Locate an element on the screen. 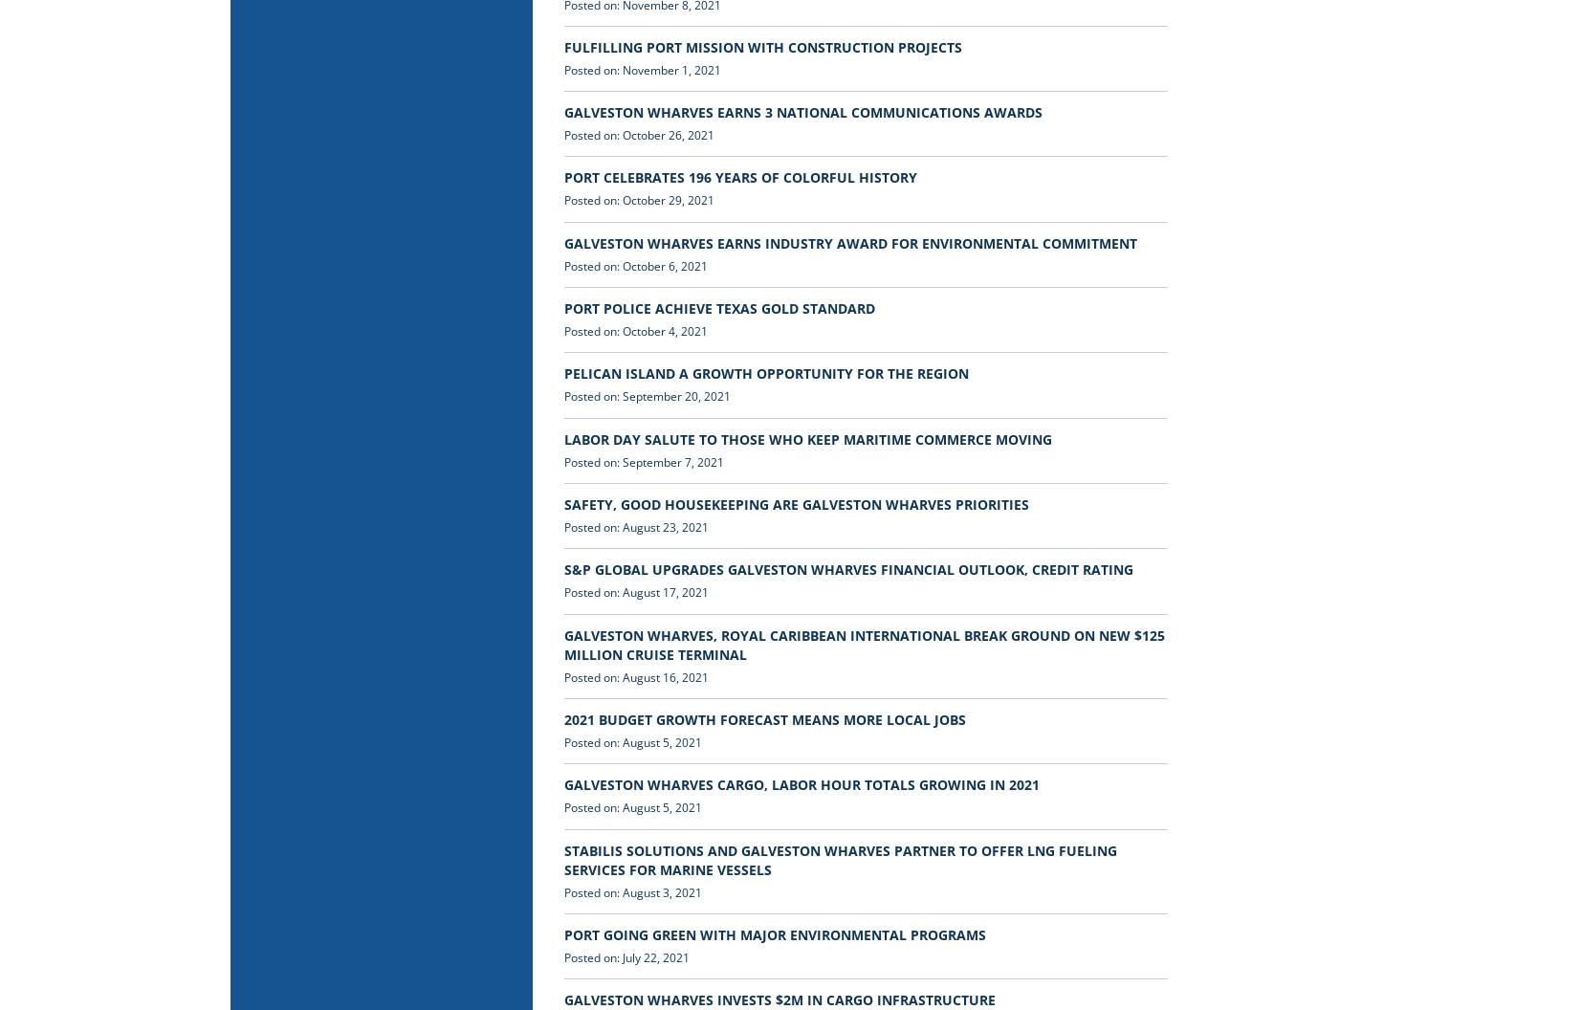  'Posted on: July 22, 2021' is located at coordinates (562, 956).